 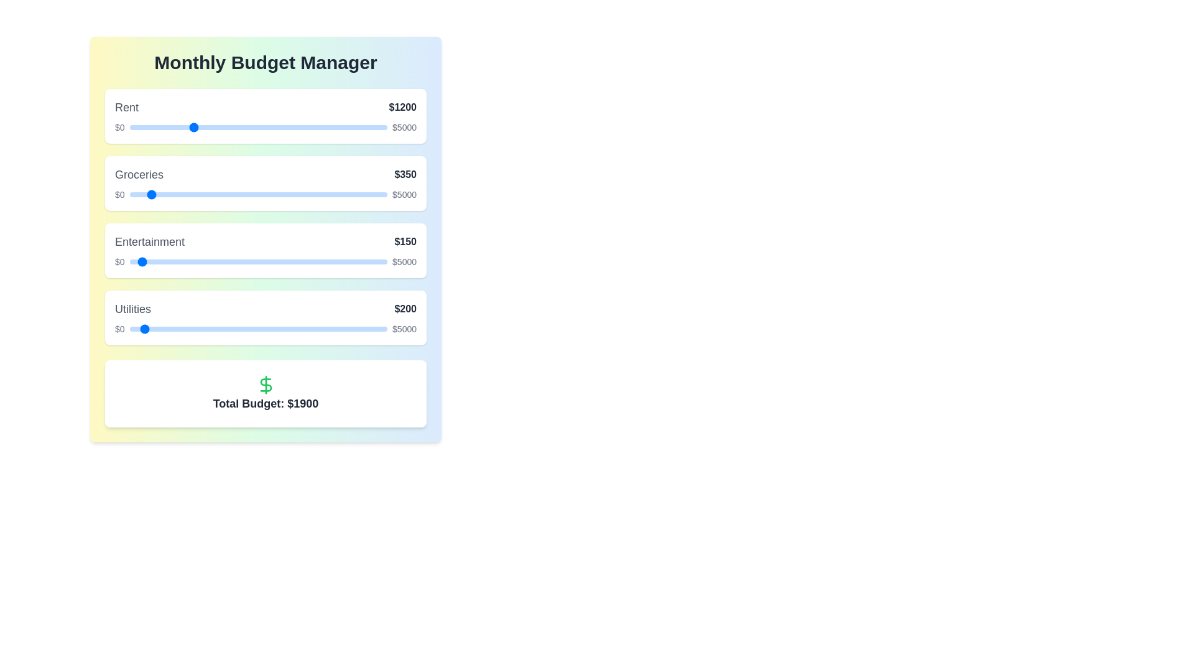 I want to click on the utility budget slider, so click(x=370, y=328).